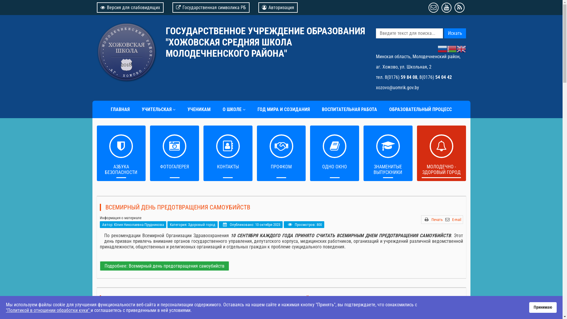  What do you see at coordinates (456, 219) in the screenshot?
I see `'E-mail'` at bounding box center [456, 219].